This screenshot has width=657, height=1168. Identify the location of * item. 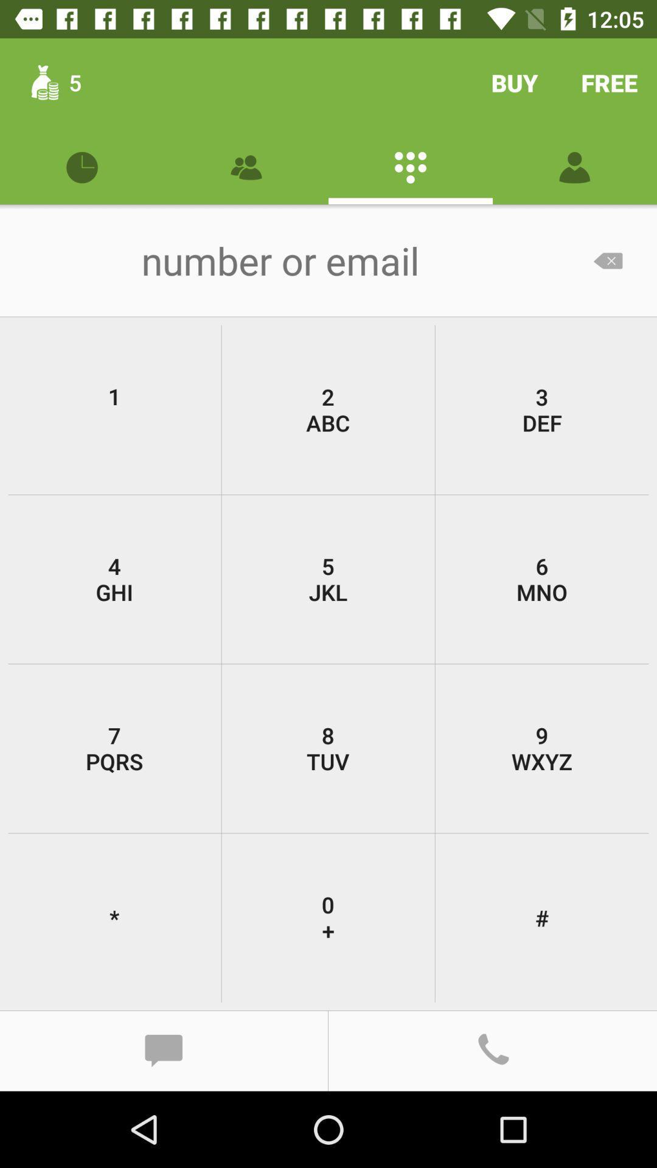
(114, 917).